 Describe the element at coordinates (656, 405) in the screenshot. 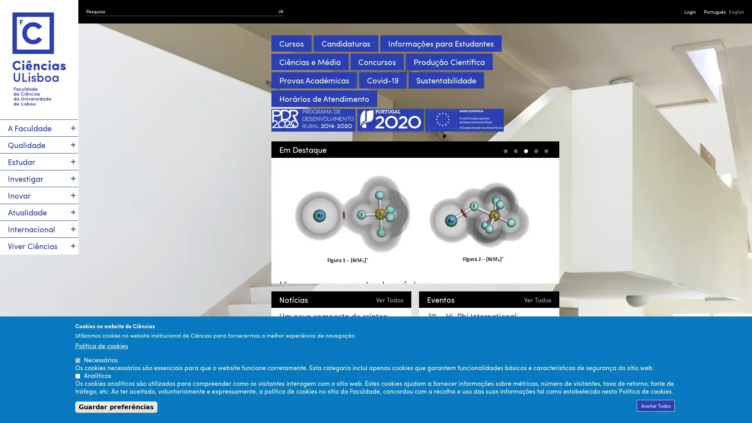

I see `Aceitar Todos` at that location.